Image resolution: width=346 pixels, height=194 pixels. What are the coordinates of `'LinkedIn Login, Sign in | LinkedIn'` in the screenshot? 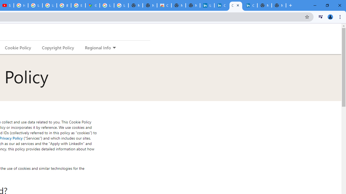 It's located at (207, 5).